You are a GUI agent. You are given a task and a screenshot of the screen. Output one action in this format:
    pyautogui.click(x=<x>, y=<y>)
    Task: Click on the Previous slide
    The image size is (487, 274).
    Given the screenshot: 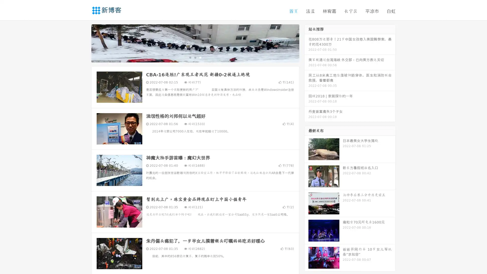 What is the action you would take?
    pyautogui.click(x=84, y=43)
    